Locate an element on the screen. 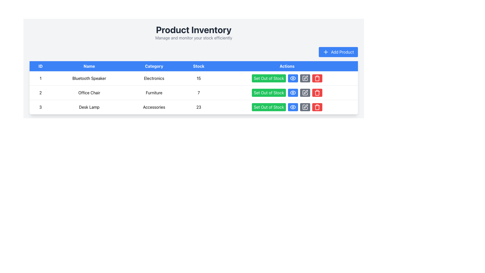  the pencil icon in the Actions column of the table, located in the third row for 'Desk Lamp', to initiate the editing function is located at coordinates (306, 106).